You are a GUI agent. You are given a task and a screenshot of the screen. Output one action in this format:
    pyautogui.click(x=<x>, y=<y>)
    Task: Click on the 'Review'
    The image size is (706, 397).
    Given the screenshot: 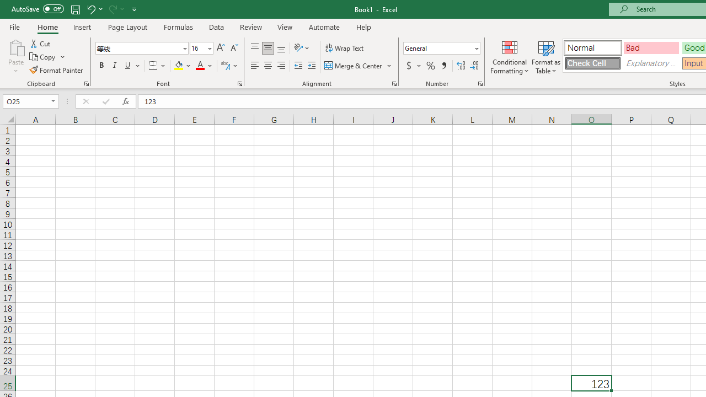 What is the action you would take?
    pyautogui.click(x=250, y=26)
    